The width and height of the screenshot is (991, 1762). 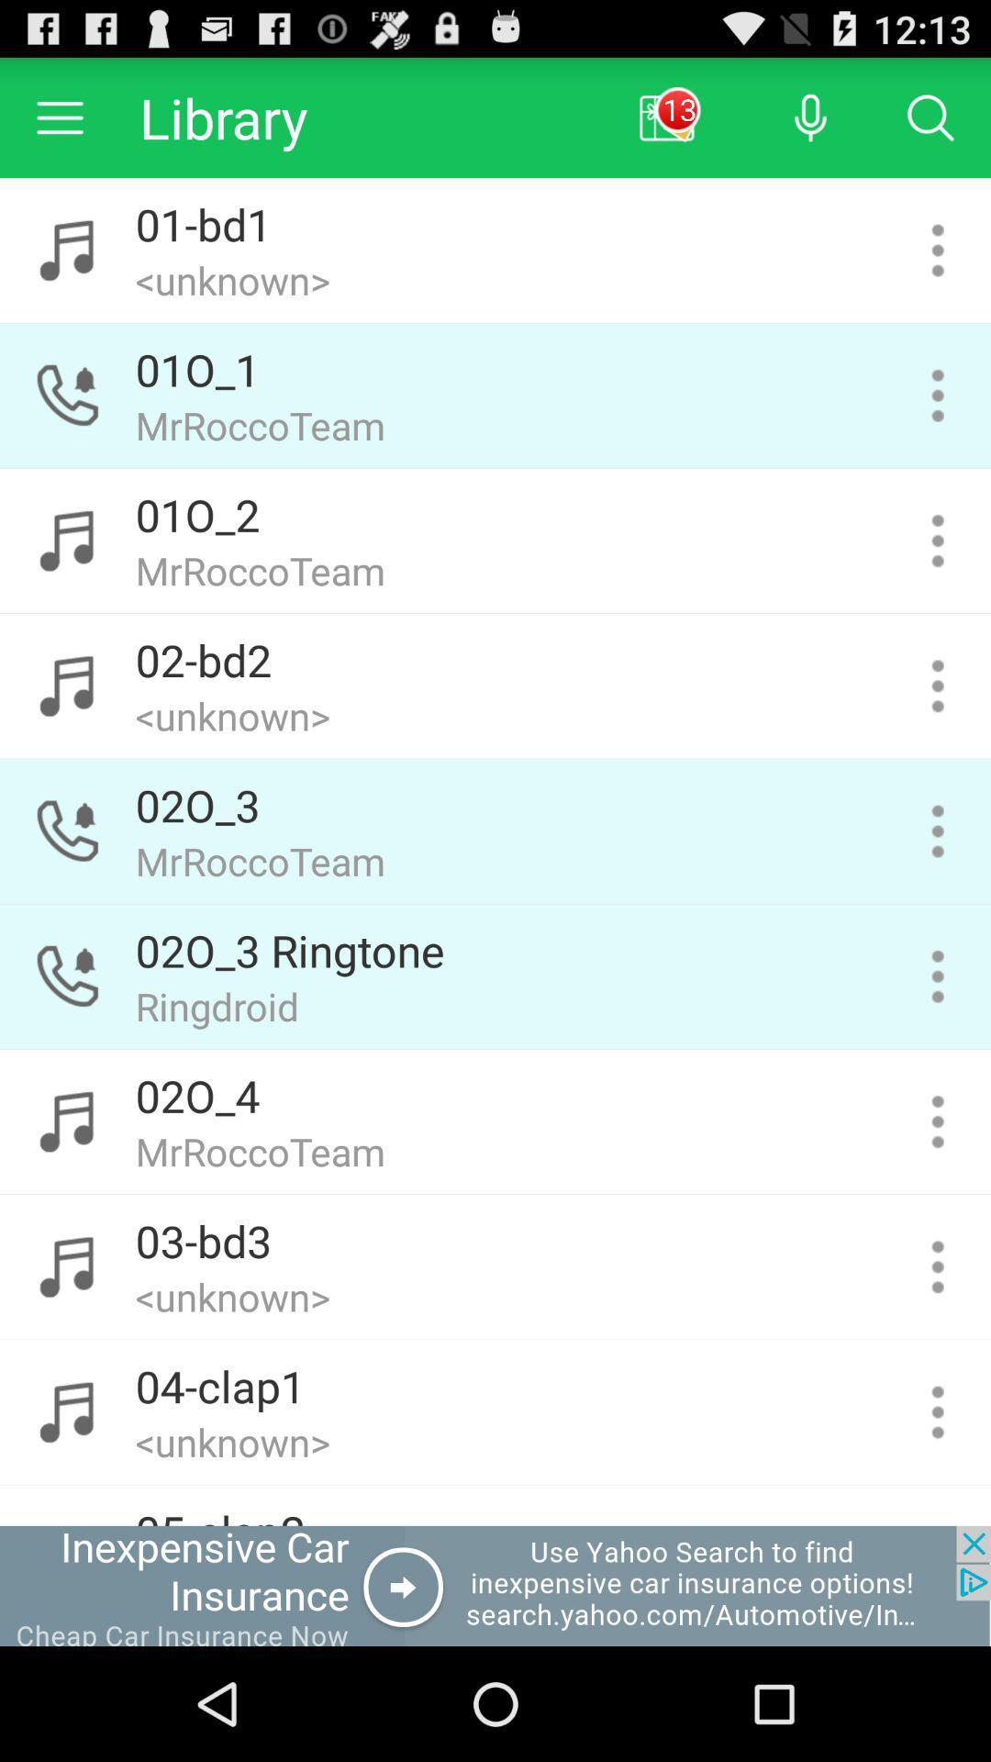 I want to click on more information, so click(x=938, y=831).